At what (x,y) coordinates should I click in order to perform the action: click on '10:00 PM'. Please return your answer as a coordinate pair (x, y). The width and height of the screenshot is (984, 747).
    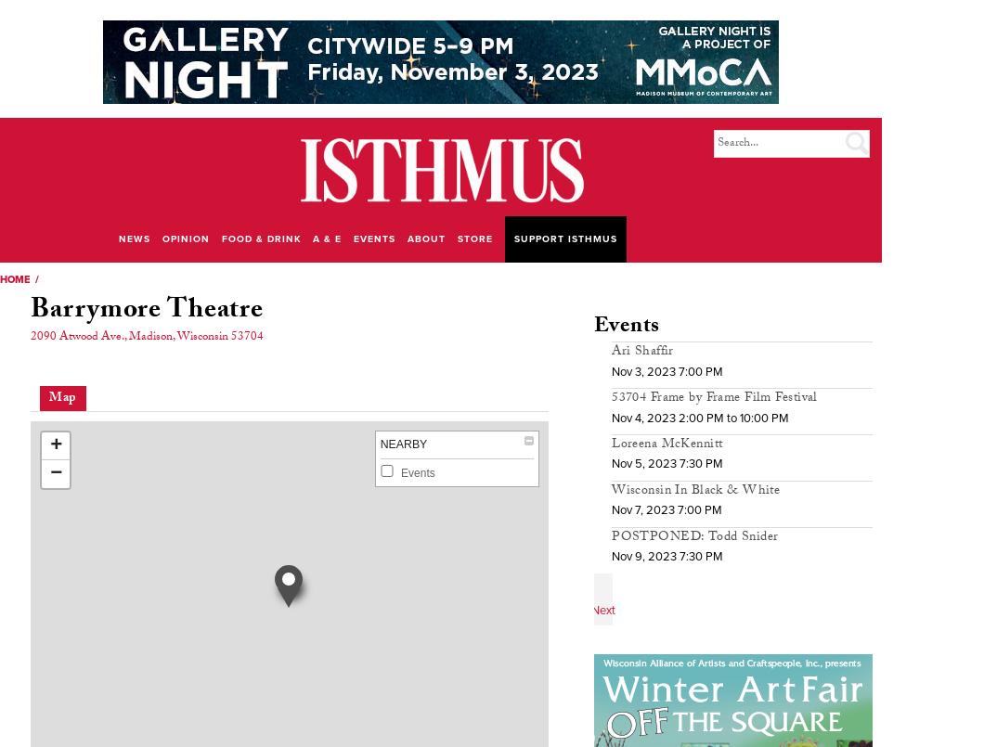
    Looking at the image, I should click on (764, 416).